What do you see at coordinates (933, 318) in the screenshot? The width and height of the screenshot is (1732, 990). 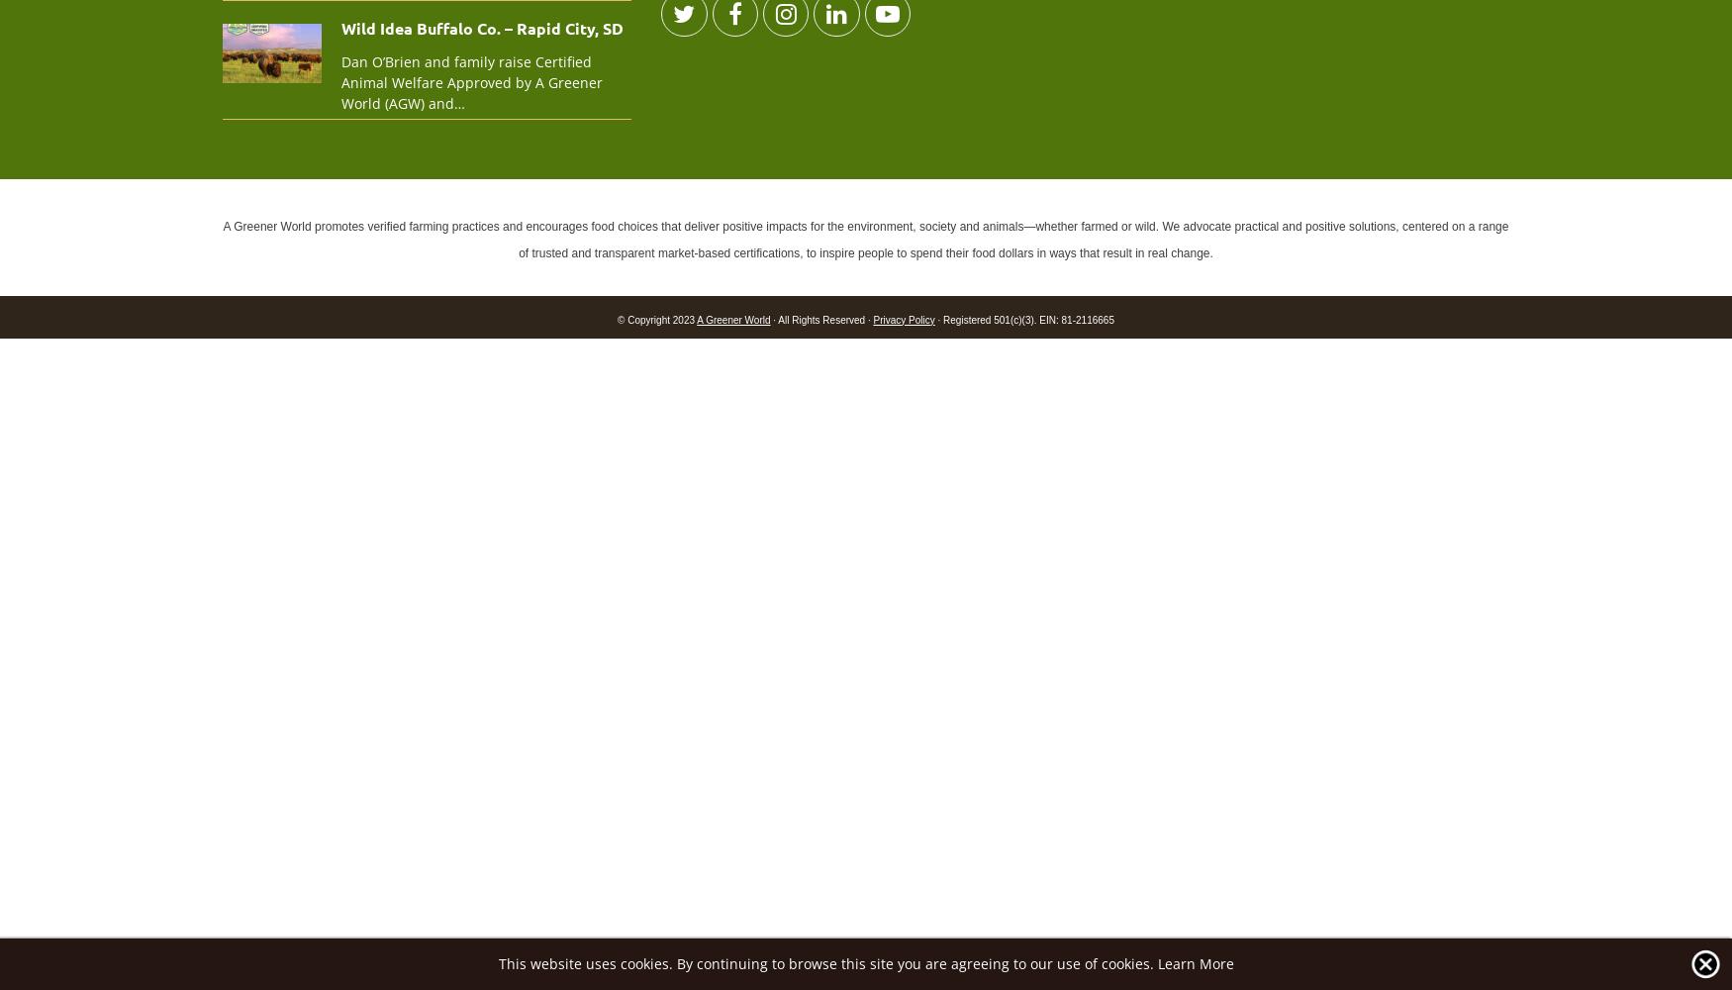 I see `'· Registered 501(c)(3). EIN: 81-2116665'` at bounding box center [933, 318].